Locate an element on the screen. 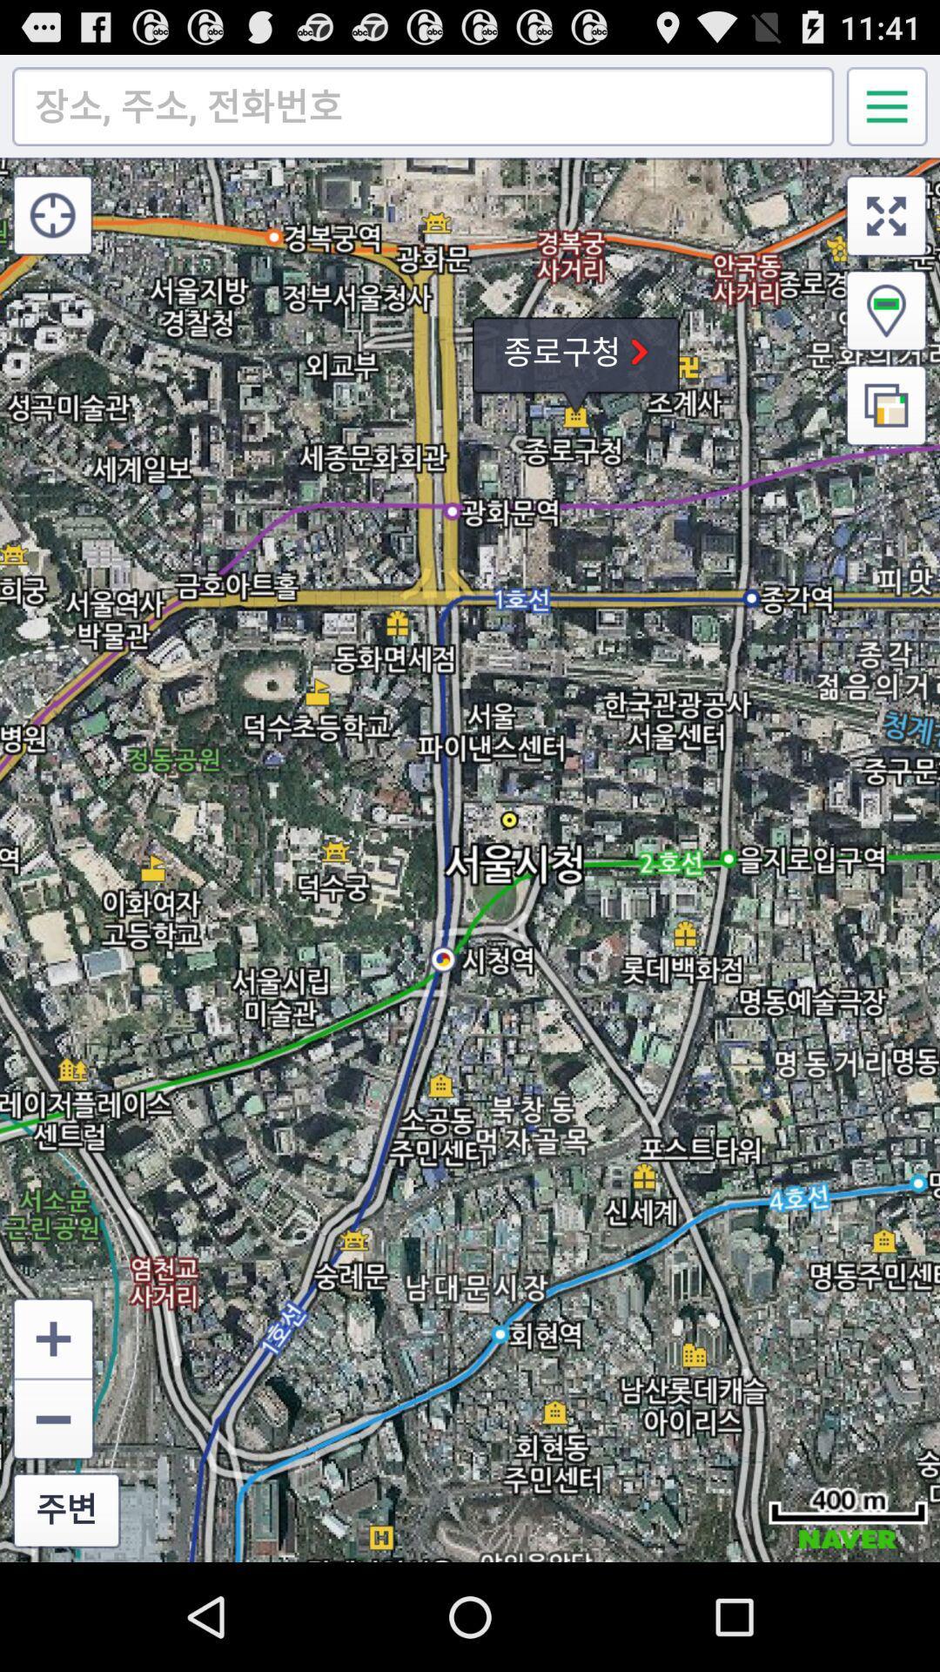  the location_crosshair icon is located at coordinates (51, 229).